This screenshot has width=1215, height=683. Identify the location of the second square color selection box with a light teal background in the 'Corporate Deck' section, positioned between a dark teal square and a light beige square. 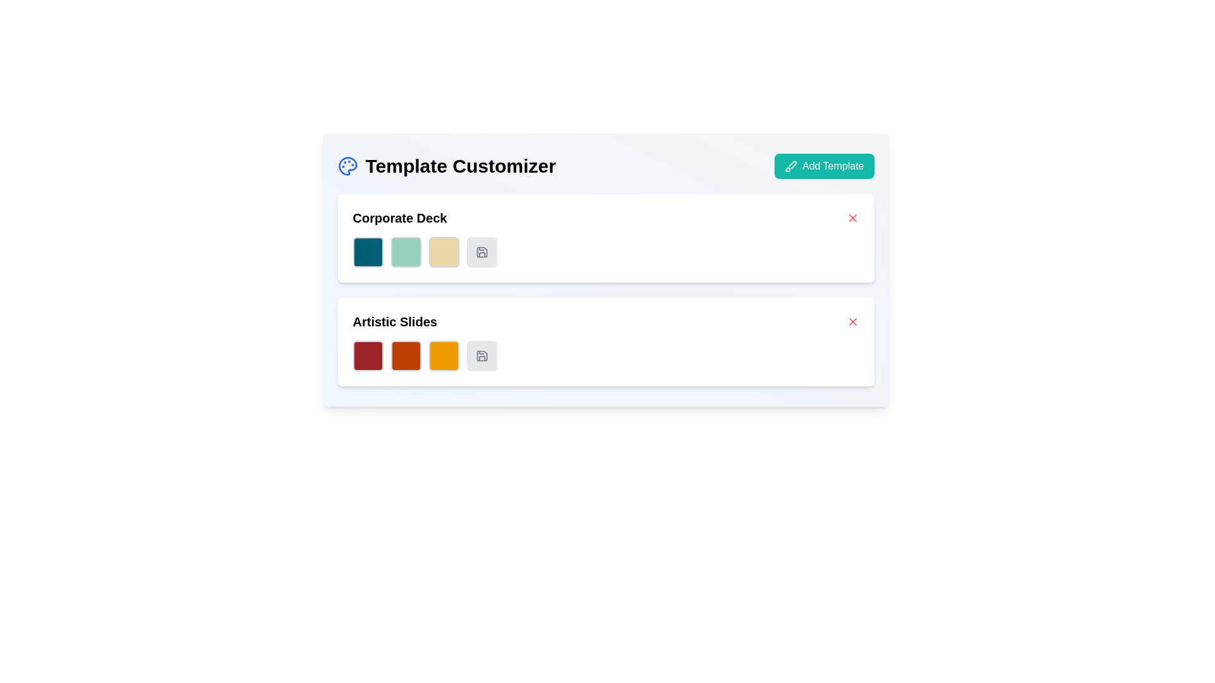
(406, 252).